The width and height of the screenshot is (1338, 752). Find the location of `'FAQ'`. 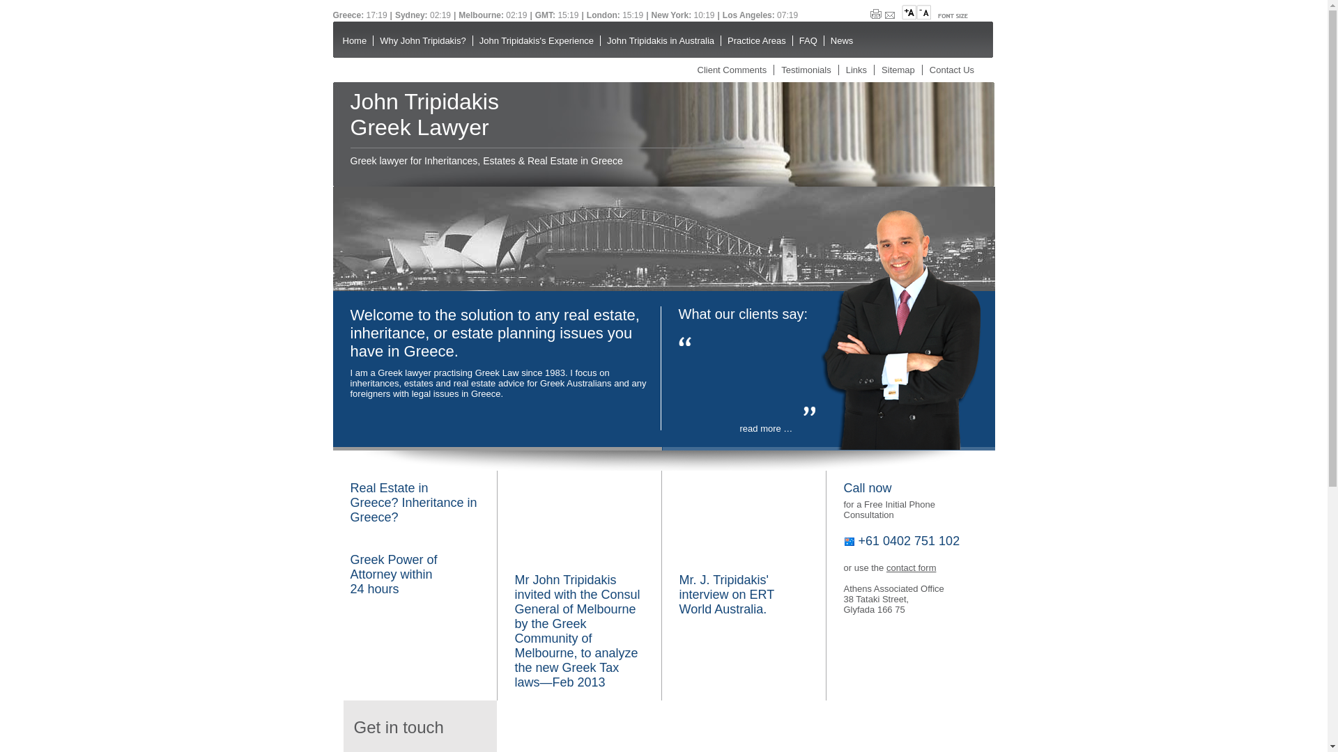

'FAQ' is located at coordinates (792, 40).